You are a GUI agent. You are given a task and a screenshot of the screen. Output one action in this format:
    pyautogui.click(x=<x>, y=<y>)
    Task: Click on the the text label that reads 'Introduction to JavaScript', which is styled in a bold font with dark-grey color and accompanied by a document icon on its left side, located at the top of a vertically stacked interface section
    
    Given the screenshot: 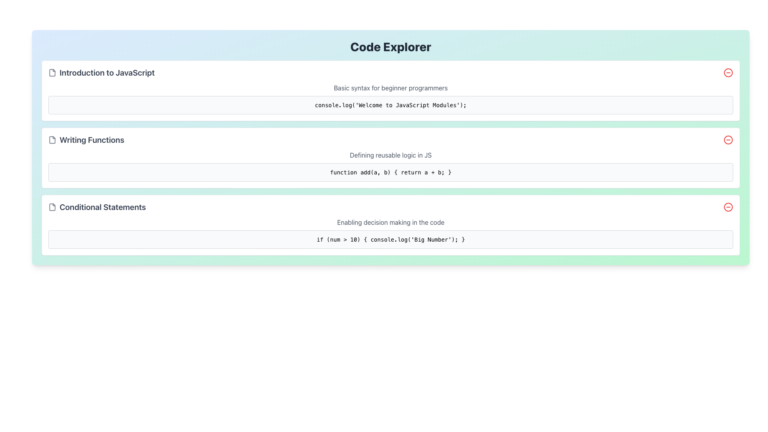 What is the action you would take?
    pyautogui.click(x=101, y=72)
    